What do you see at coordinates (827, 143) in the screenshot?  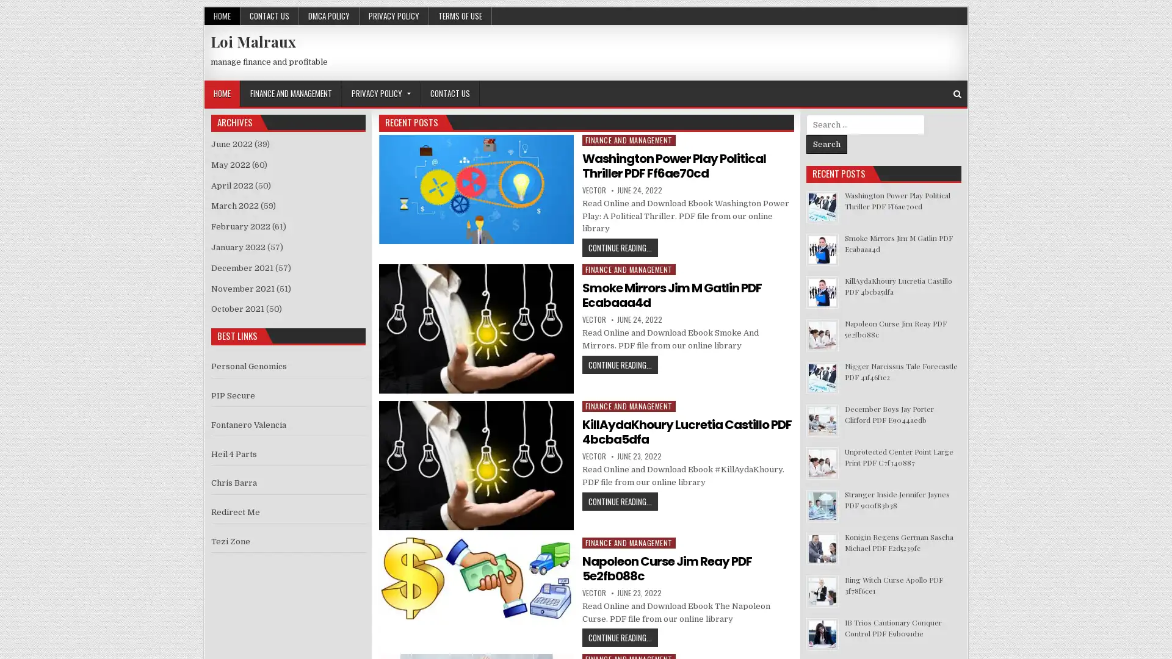 I see `Search` at bounding box center [827, 143].